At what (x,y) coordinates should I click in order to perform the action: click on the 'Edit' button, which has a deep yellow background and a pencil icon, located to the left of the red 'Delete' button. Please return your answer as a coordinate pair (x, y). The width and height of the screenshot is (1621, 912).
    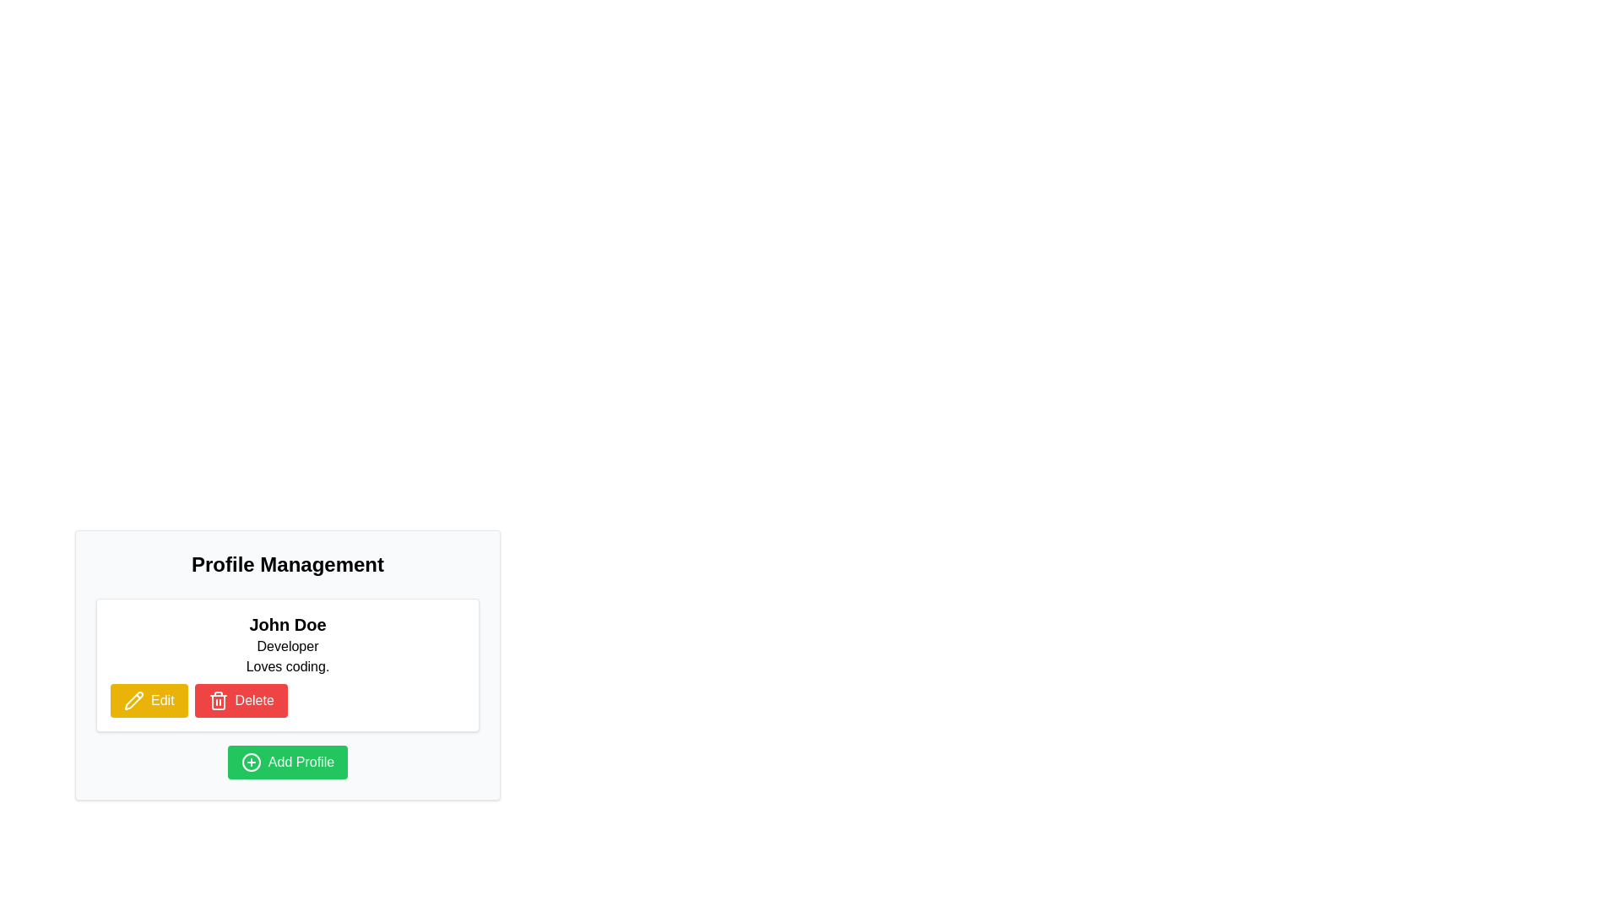
    Looking at the image, I should click on (149, 700).